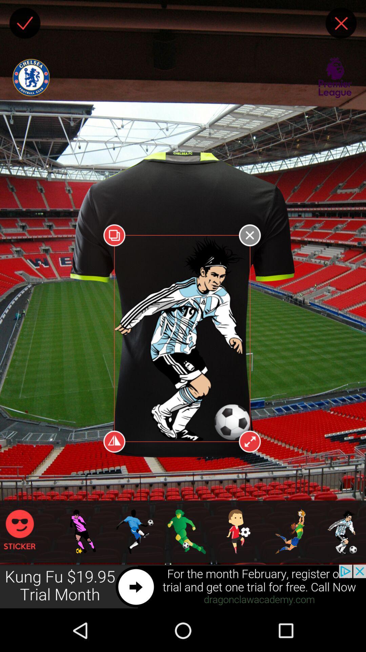 This screenshot has height=652, width=366. I want to click on open advertisement, so click(183, 586).